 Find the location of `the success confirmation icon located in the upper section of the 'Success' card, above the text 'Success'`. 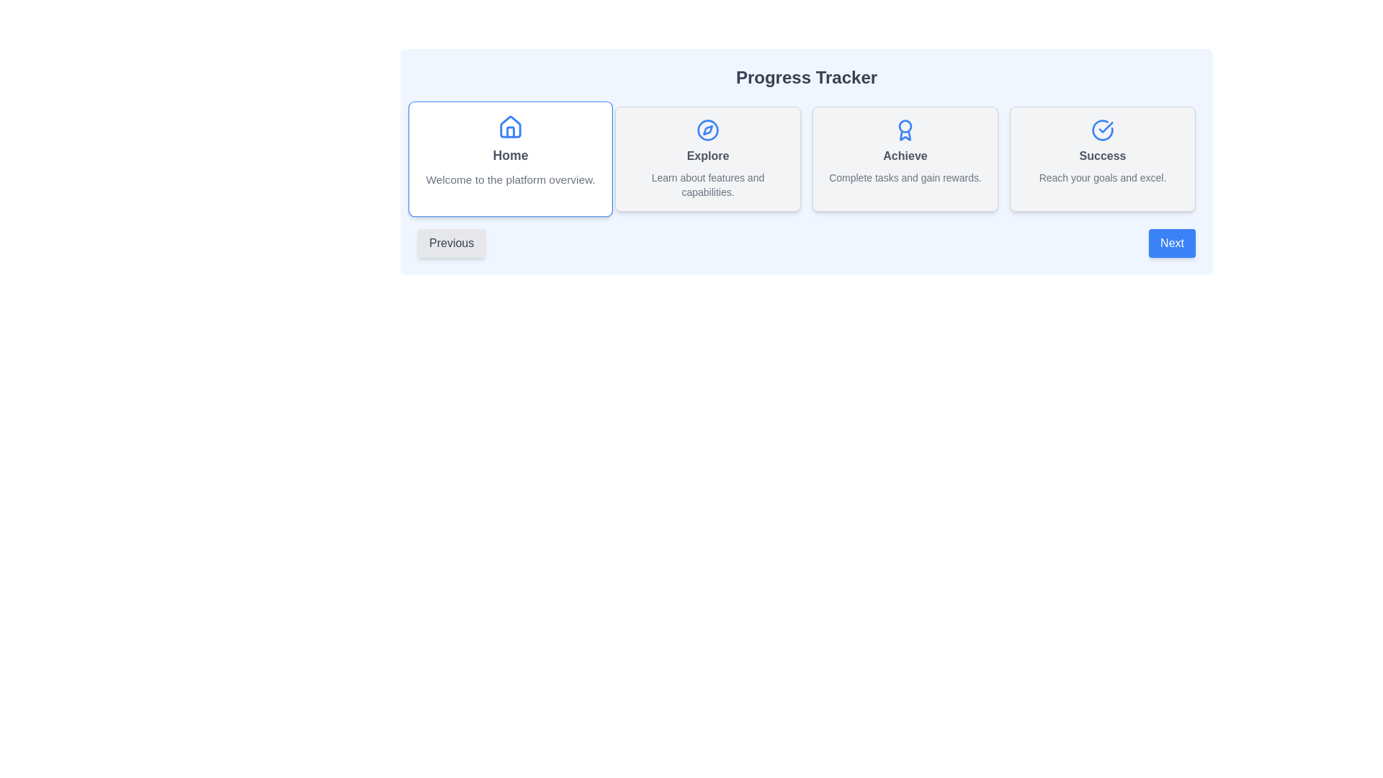

the success confirmation icon located in the upper section of the 'Success' card, above the text 'Success' is located at coordinates (1102, 130).